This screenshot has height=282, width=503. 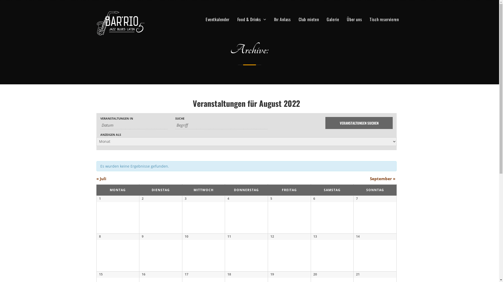 What do you see at coordinates (309, 19) in the screenshot?
I see `'Club mieten'` at bounding box center [309, 19].